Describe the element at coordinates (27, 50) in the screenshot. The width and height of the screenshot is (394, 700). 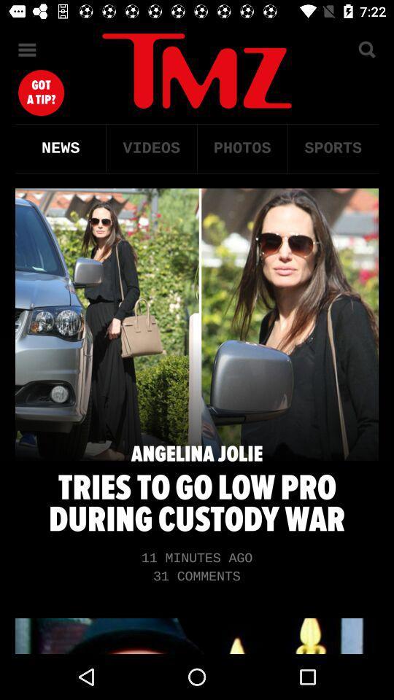
I see `customize option` at that location.